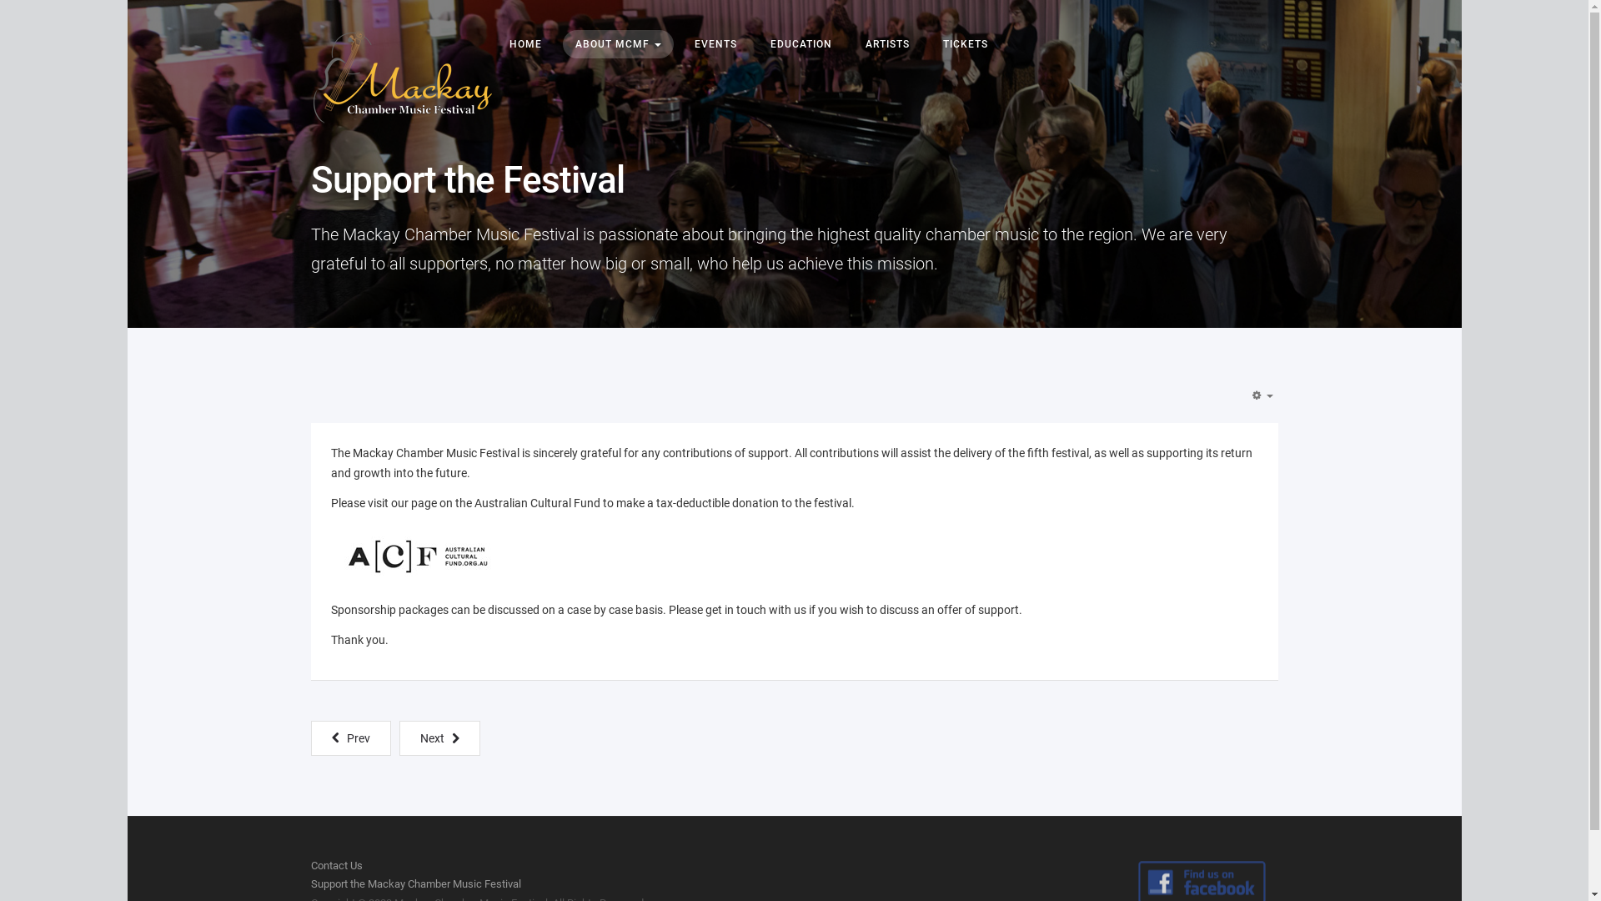  I want to click on 'Prev', so click(349, 737).